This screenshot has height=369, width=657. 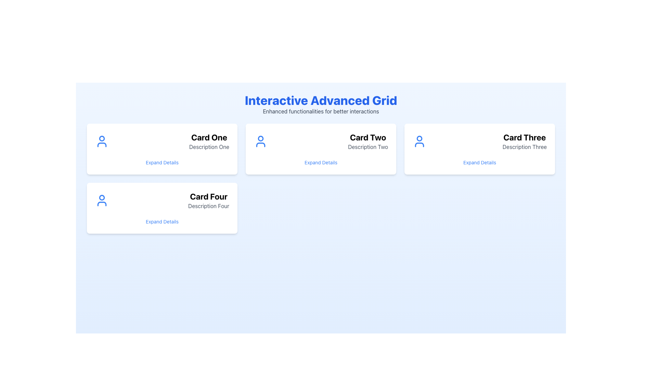 What do you see at coordinates (209, 146) in the screenshot?
I see `the description text element located within 'Card One', positioned below the heading and above 'Expand Details'` at bounding box center [209, 146].